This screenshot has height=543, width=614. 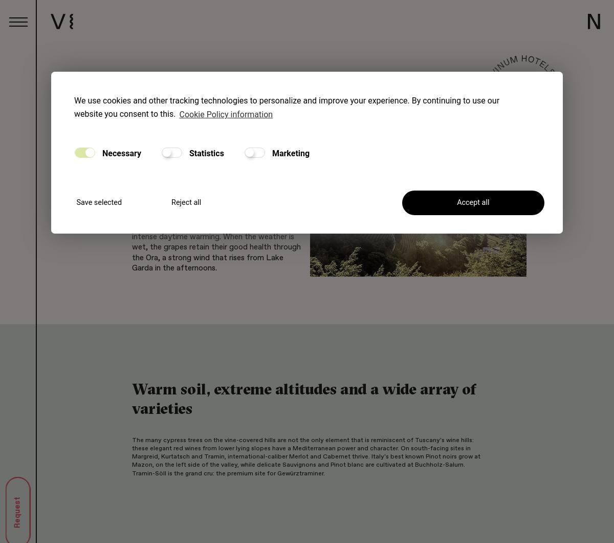 What do you see at coordinates (473, 202) in the screenshot?
I see `'Accept all'` at bounding box center [473, 202].